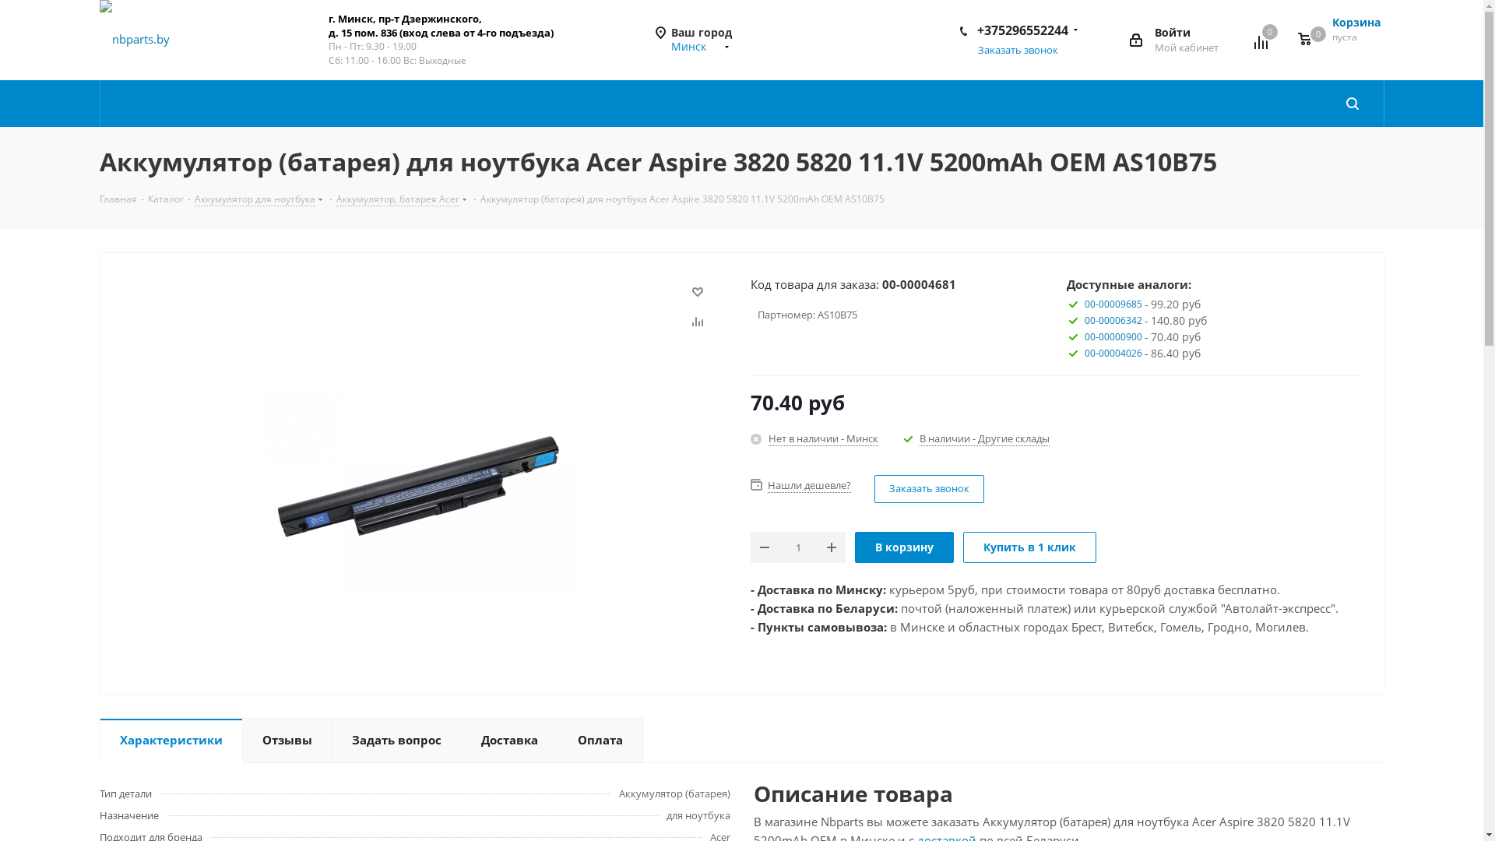 The image size is (1495, 841). Describe the element at coordinates (1113, 304) in the screenshot. I see `'00-00009685'` at that location.